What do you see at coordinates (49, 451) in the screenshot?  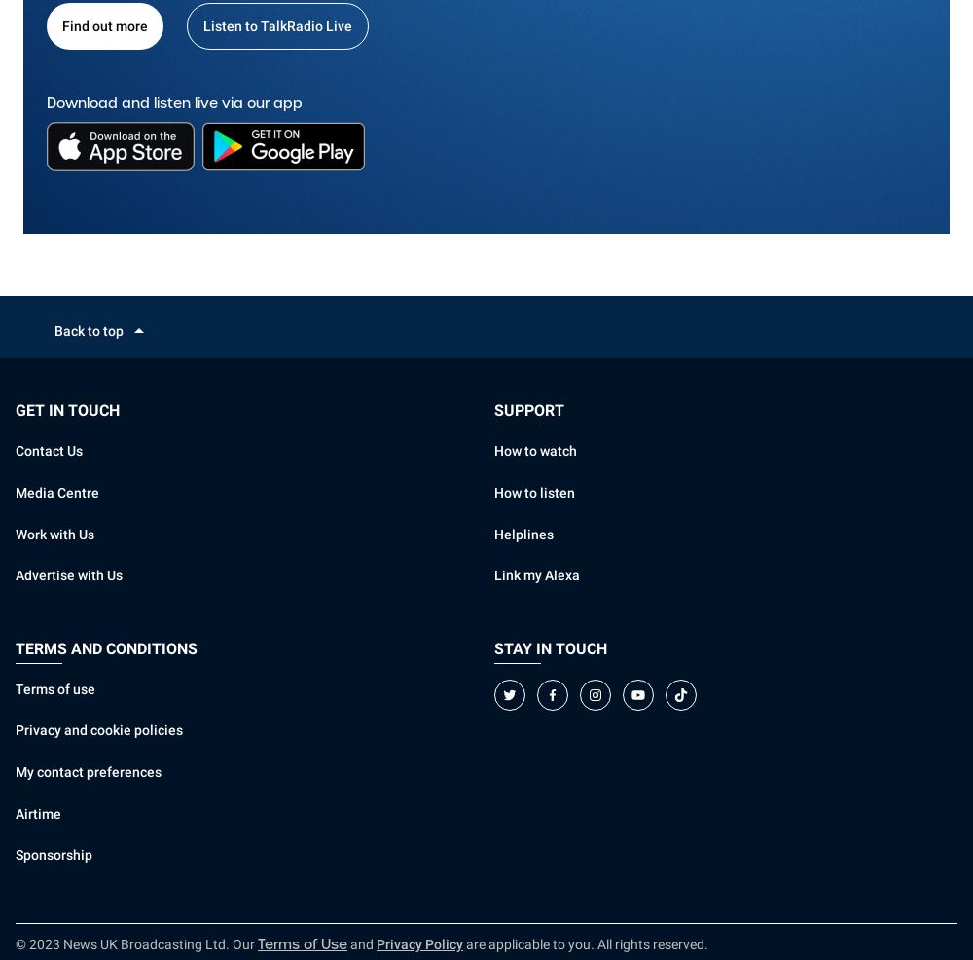 I see `'Contact Us'` at bounding box center [49, 451].